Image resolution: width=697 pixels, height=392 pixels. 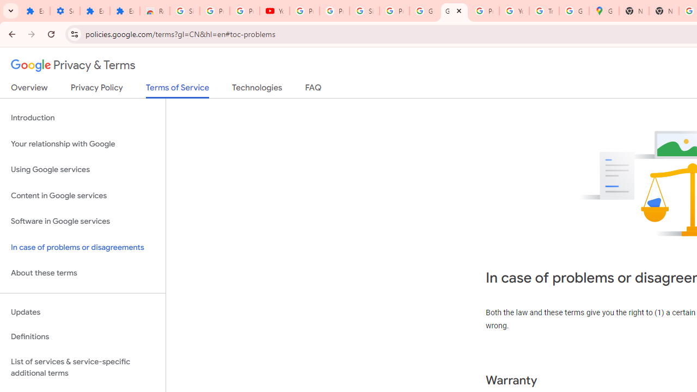 What do you see at coordinates (82, 221) in the screenshot?
I see `'Software in Google services'` at bounding box center [82, 221].